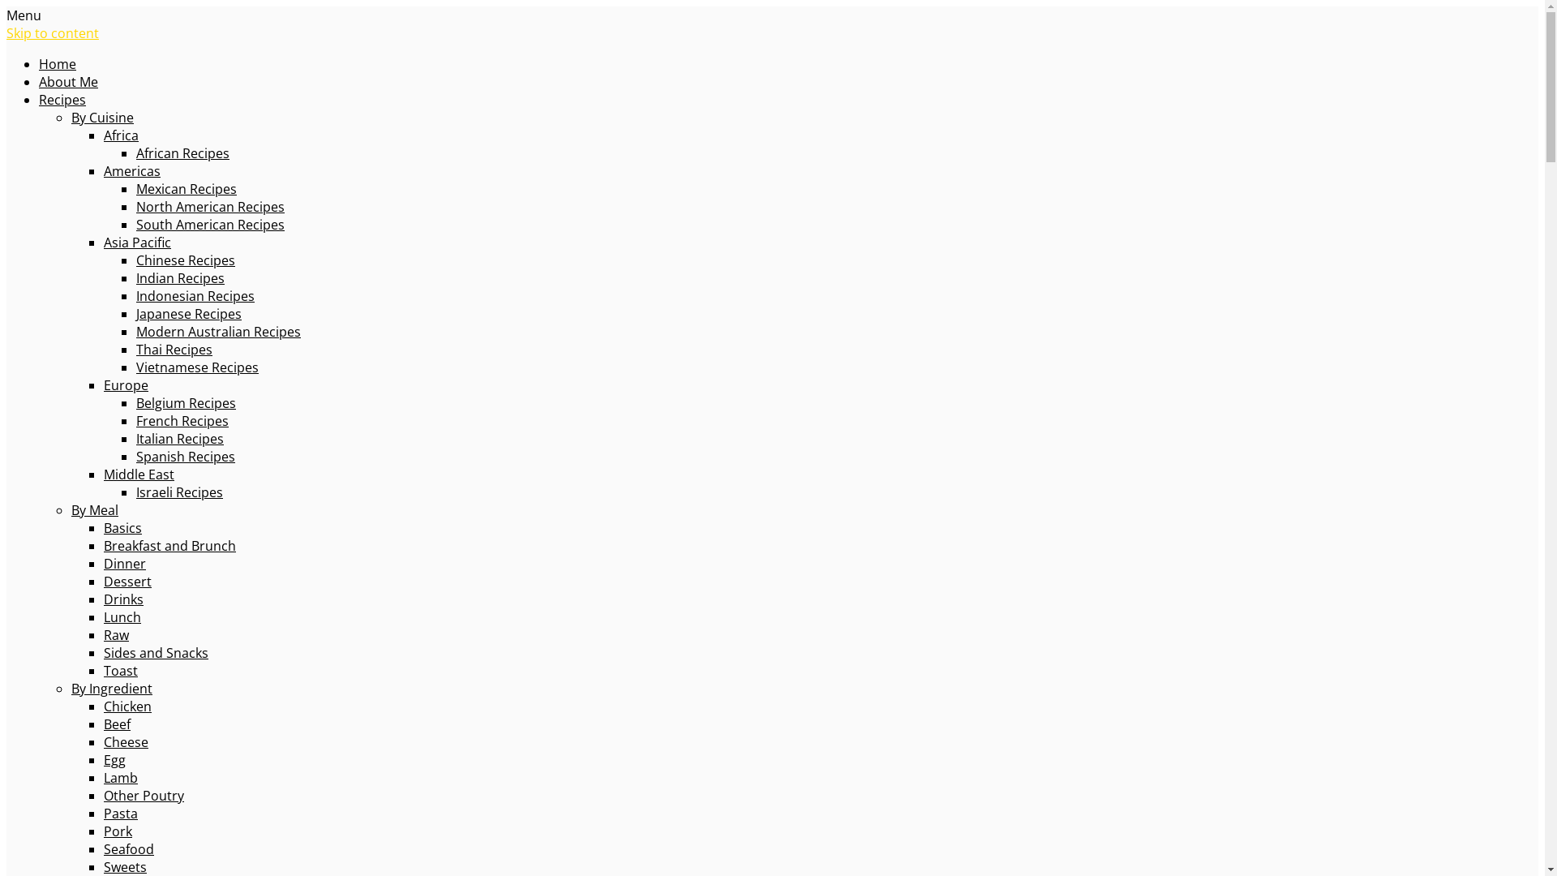 Image resolution: width=1557 pixels, height=876 pixels. I want to click on 'Basics', so click(103, 528).